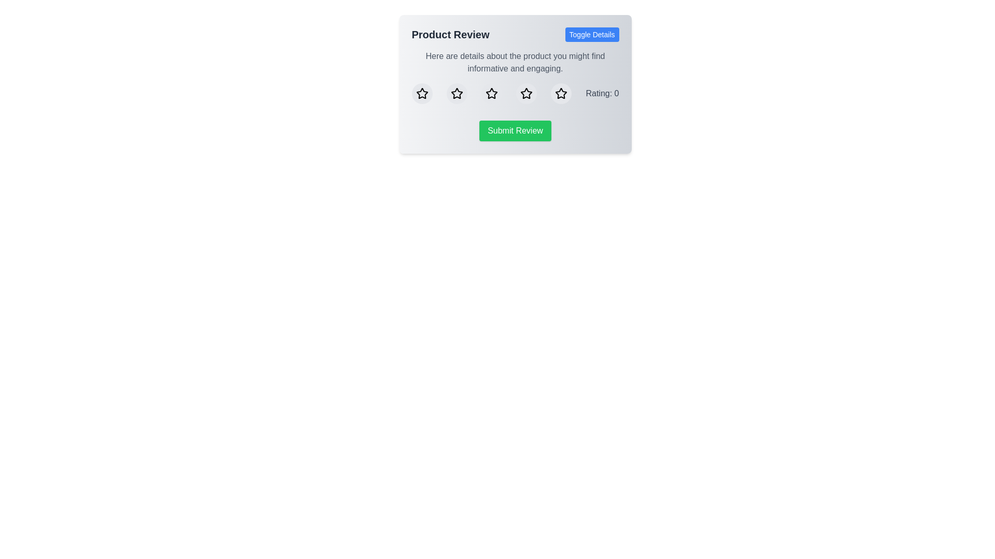 This screenshot has width=995, height=559. Describe the element at coordinates (515, 130) in the screenshot. I see `the 'Submit Review' button to submit the review` at that location.